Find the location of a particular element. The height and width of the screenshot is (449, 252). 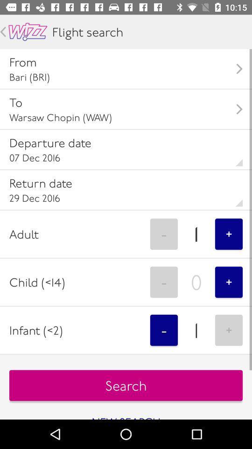

home is located at coordinates (28, 32).